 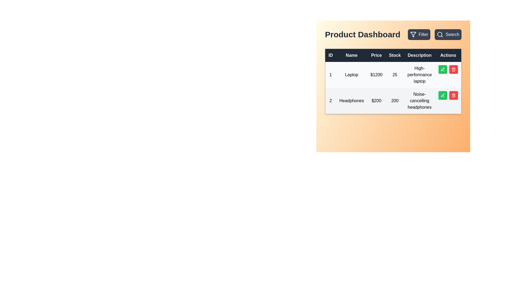 I want to click on the edit icon button, which is a pen symbol located inside a green rectangular button in the 'Actions' column of the table for the item 'Laptop', so click(x=443, y=69).